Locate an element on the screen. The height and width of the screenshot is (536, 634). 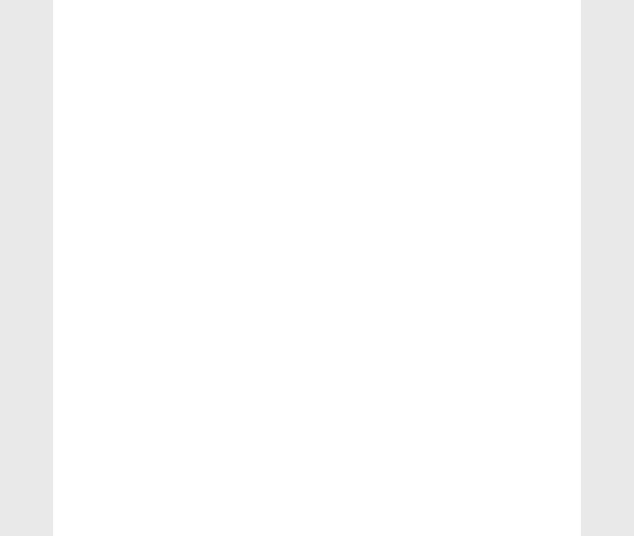
'technical education' is located at coordinates (110, 248).